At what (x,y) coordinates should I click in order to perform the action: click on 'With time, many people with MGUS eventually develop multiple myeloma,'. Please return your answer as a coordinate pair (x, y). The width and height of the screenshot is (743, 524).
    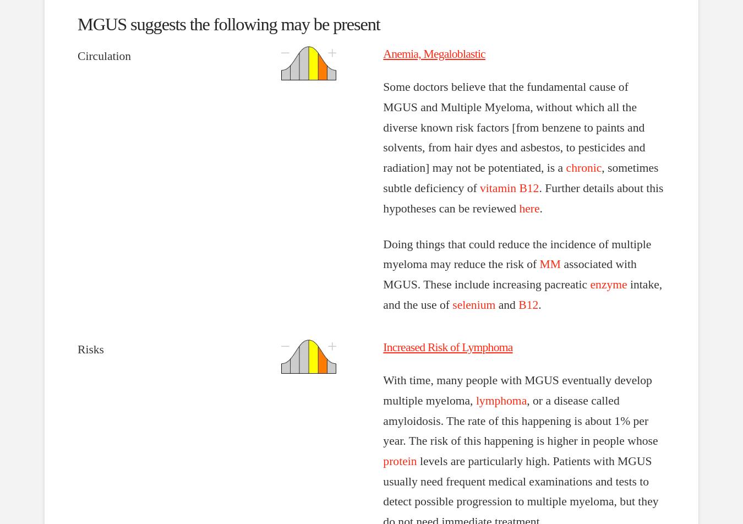
    Looking at the image, I should click on (383, 390).